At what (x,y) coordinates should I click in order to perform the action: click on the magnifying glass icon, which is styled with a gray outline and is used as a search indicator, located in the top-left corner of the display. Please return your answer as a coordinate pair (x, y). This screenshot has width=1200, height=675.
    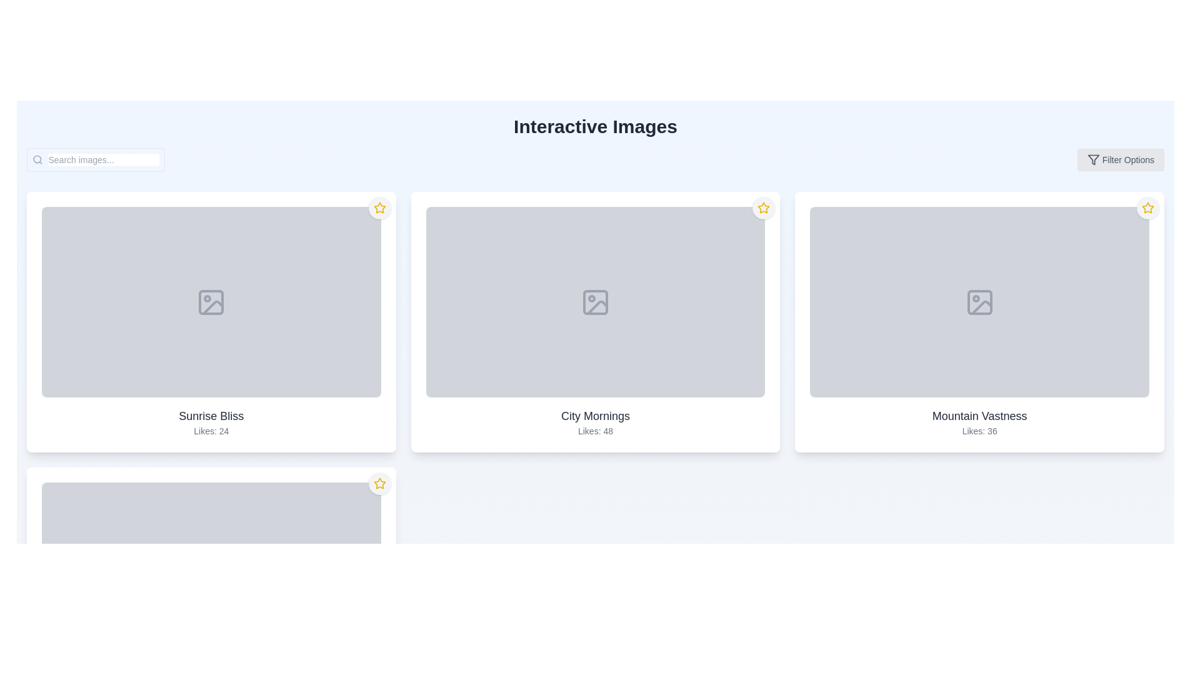
    Looking at the image, I should click on (37, 159).